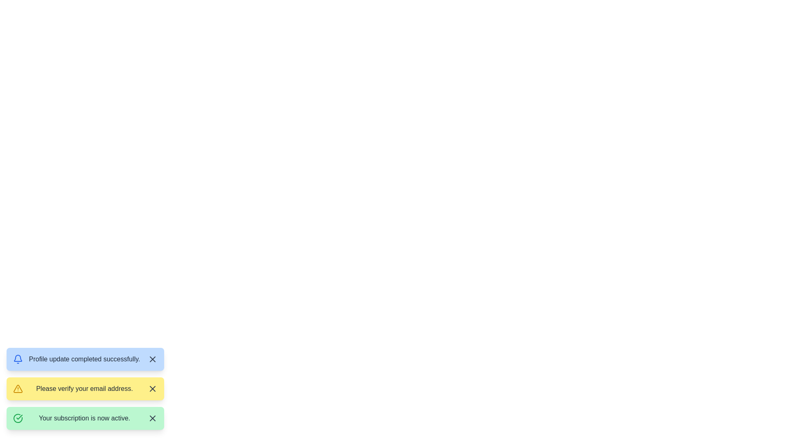  I want to click on the subscription active confirmation icon located within the green background banner of the notification labeled 'Your subscription is now active', so click(18, 418).